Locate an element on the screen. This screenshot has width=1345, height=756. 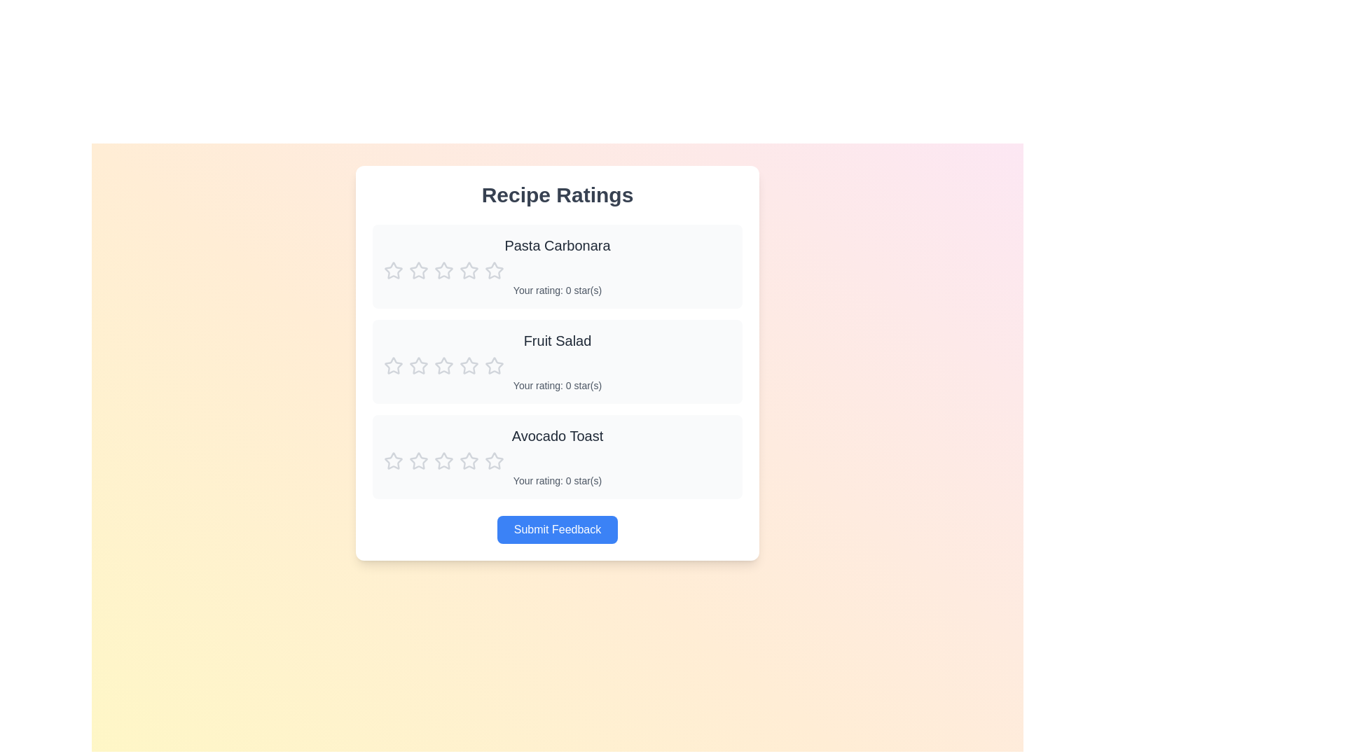
the first hollow star in the star rating system beside the 'Pasta Carbonara' label is located at coordinates (418, 270).